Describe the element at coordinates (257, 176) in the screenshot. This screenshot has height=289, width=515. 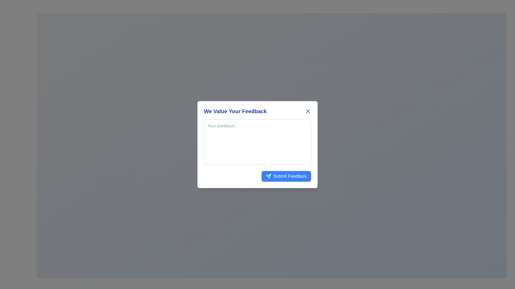
I see `the blue rectangular button labeled 'Submit Feedback' located in the bottom right corner of the 'We Value Your Feedback' form modal for keyboard interaction` at that location.